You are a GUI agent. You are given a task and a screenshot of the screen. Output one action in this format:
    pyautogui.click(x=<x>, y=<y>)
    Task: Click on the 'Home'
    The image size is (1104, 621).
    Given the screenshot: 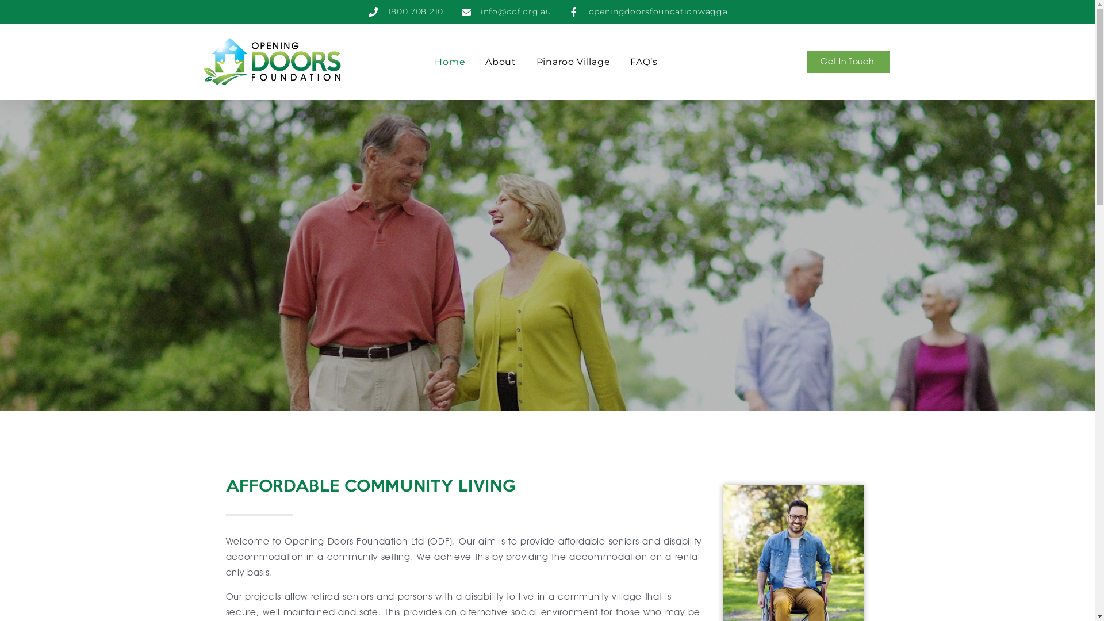 What is the action you would take?
    pyautogui.click(x=449, y=62)
    